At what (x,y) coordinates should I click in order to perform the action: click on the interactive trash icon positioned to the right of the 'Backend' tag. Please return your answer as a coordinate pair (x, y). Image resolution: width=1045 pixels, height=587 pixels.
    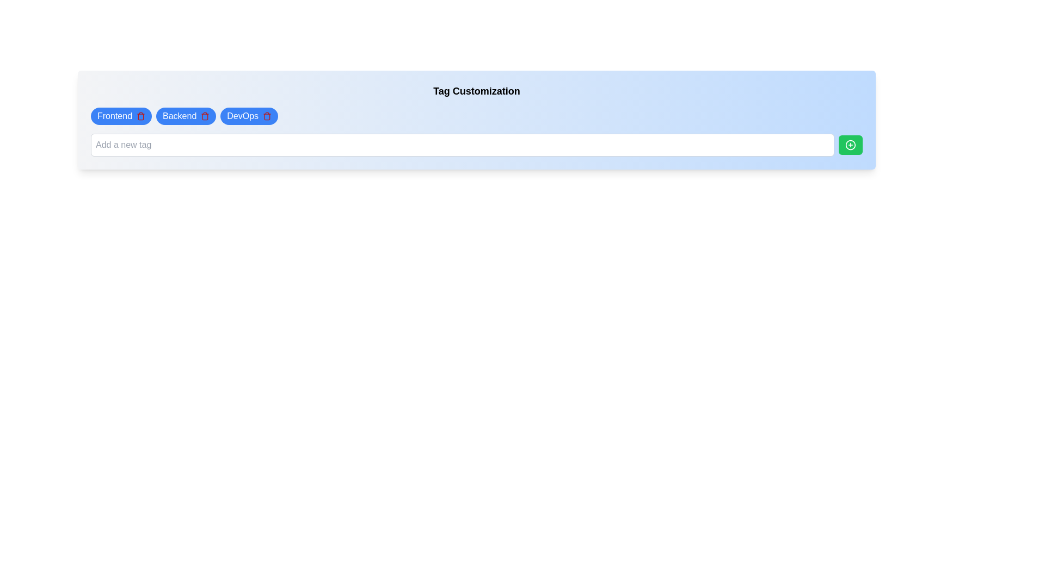
    Looking at the image, I should click on (205, 116).